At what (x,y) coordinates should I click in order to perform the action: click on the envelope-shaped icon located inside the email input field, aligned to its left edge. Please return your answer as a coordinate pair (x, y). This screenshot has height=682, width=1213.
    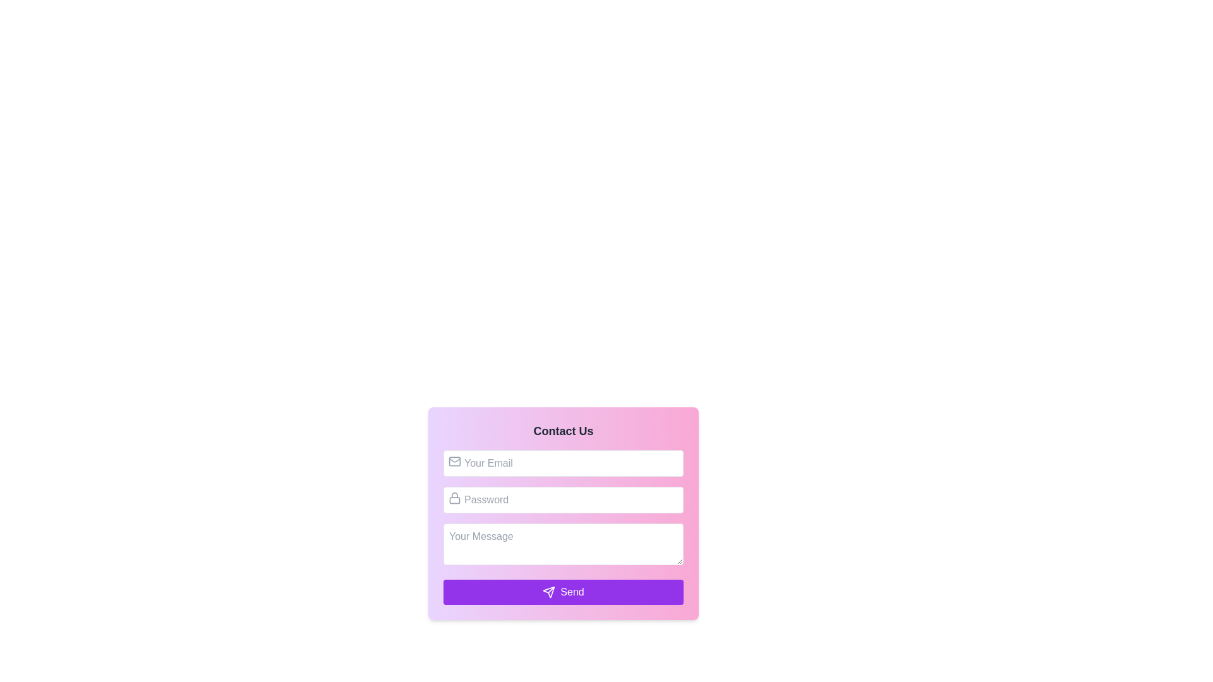
    Looking at the image, I should click on (455, 462).